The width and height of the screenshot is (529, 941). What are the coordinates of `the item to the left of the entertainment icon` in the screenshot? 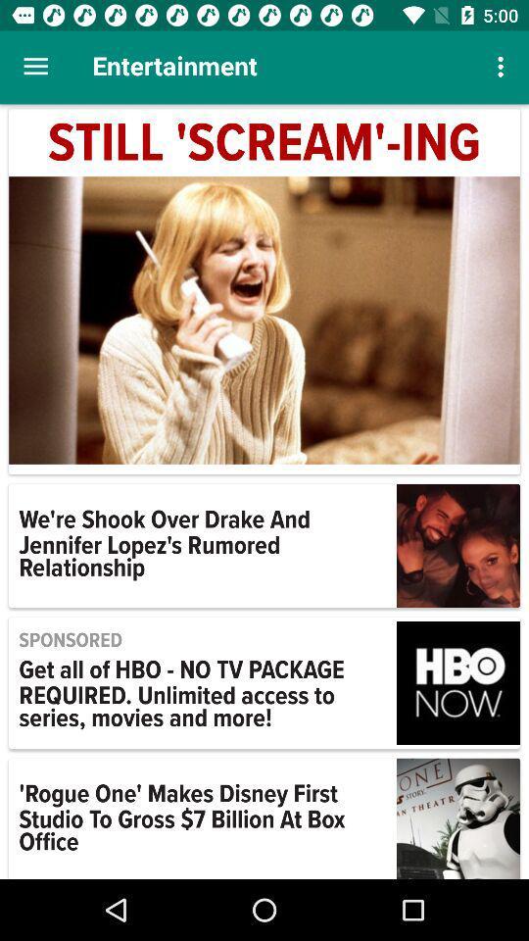 It's located at (35, 67).